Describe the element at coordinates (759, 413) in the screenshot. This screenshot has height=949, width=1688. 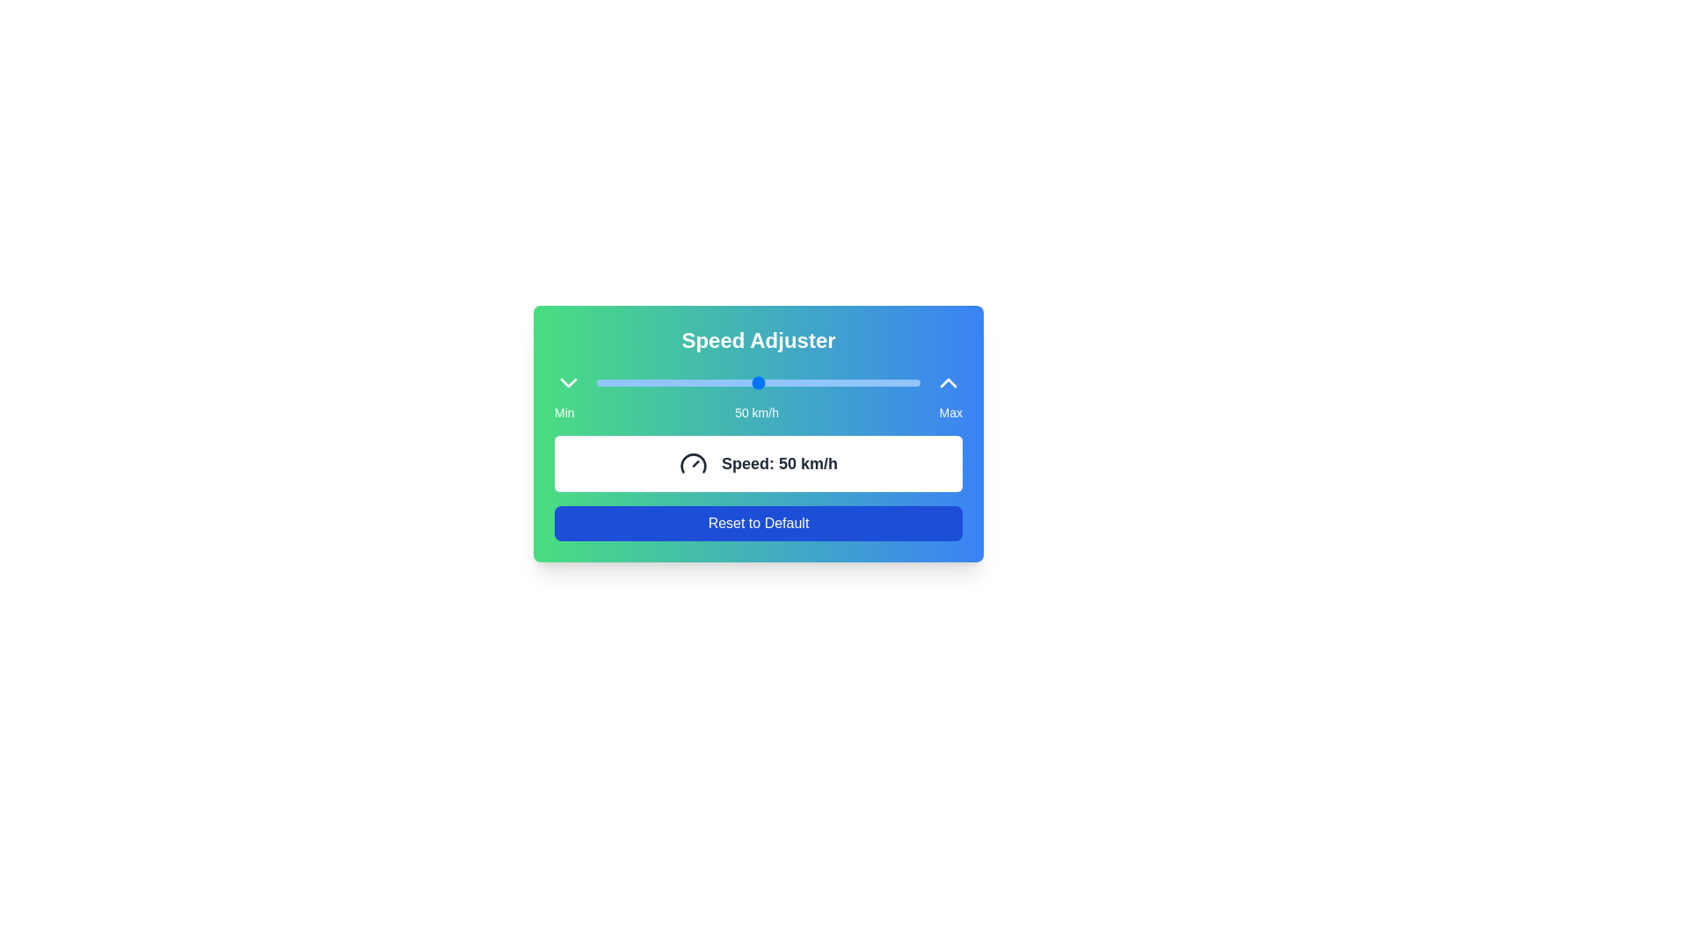
I see `the Textual Indicator displaying 'Min', '50 km/h', and 'Max' labels, which is positioned below the slider in the 'Speed Adjuster' component` at that location.